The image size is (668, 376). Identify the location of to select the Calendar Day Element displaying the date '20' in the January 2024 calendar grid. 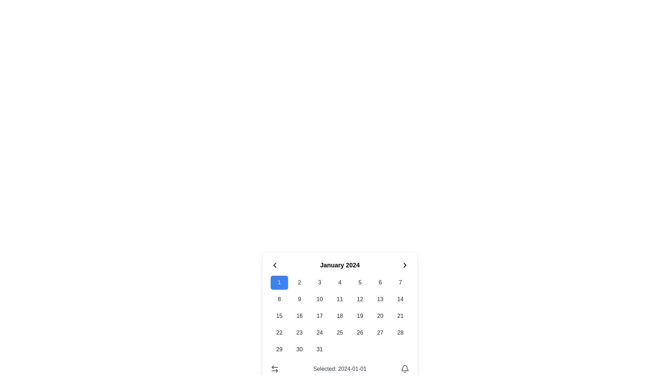
(380, 316).